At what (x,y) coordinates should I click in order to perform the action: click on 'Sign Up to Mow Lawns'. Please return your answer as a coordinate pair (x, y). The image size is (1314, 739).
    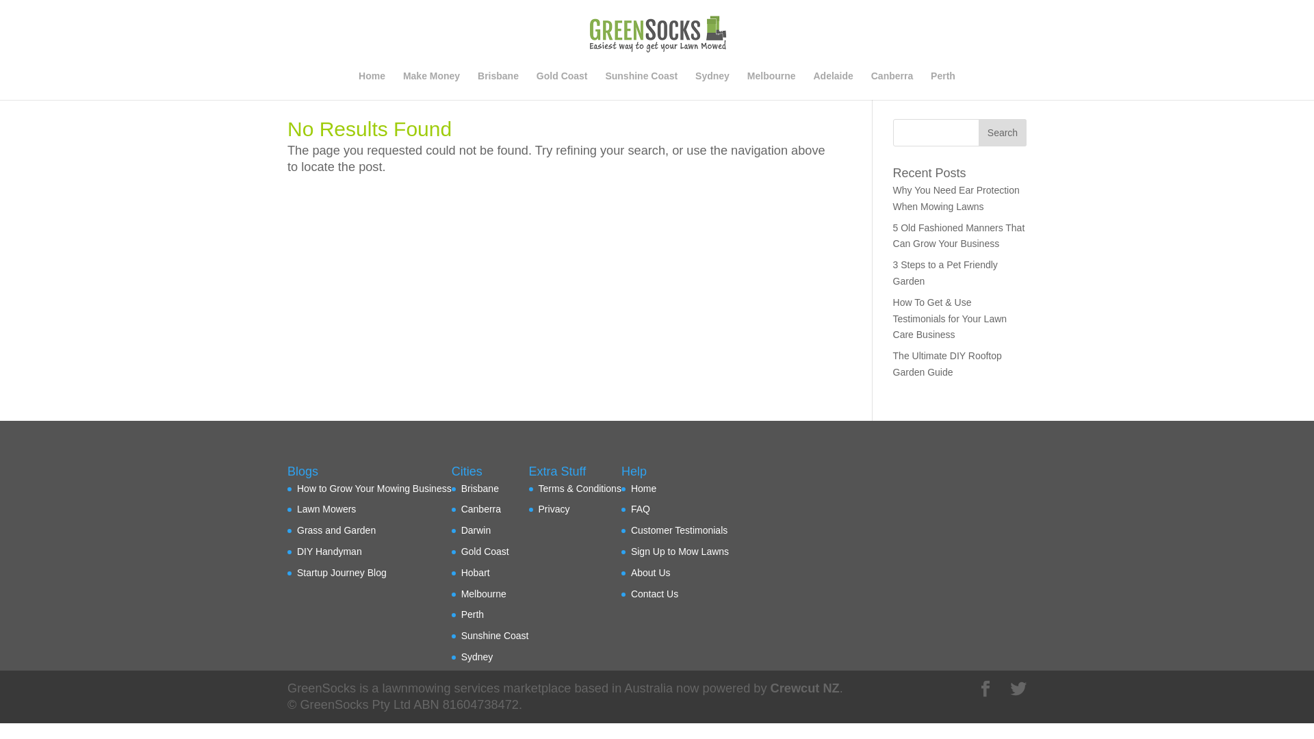
    Looking at the image, I should click on (680, 551).